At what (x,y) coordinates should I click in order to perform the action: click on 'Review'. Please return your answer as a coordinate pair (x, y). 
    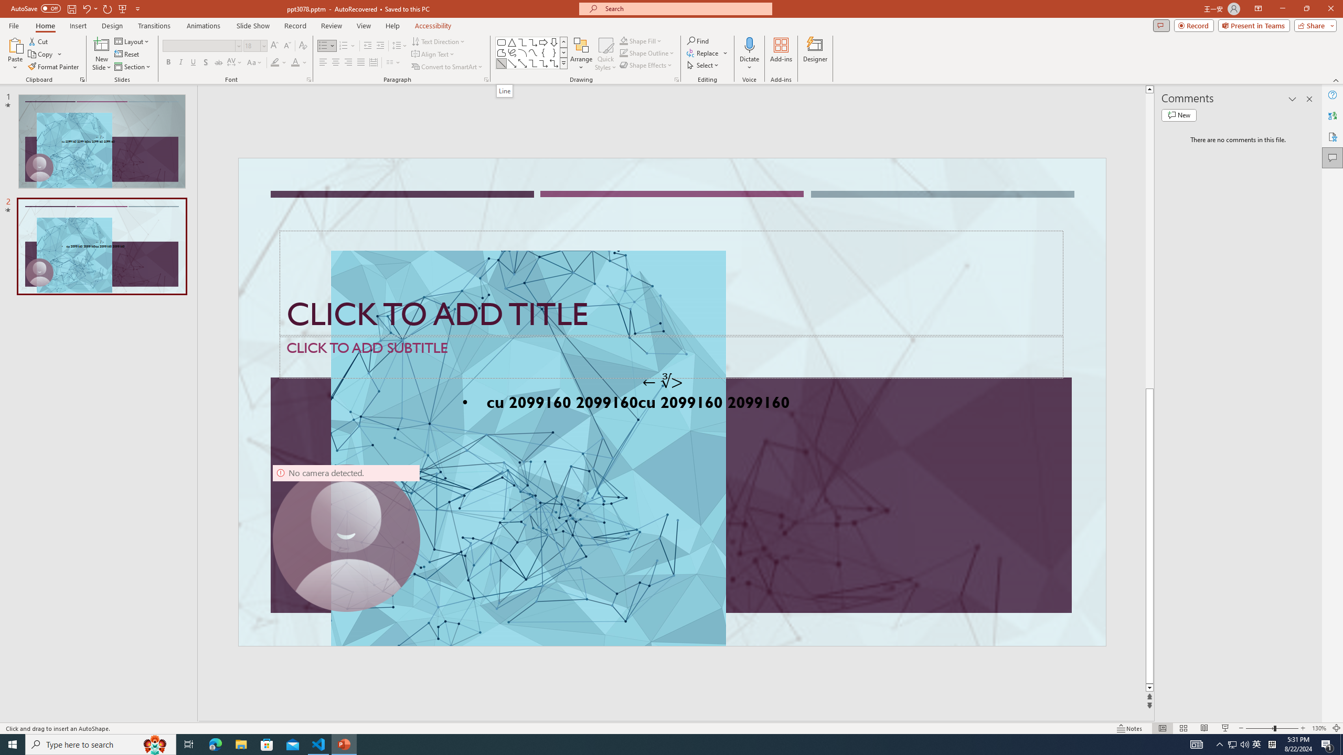
    Looking at the image, I should click on (331, 26).